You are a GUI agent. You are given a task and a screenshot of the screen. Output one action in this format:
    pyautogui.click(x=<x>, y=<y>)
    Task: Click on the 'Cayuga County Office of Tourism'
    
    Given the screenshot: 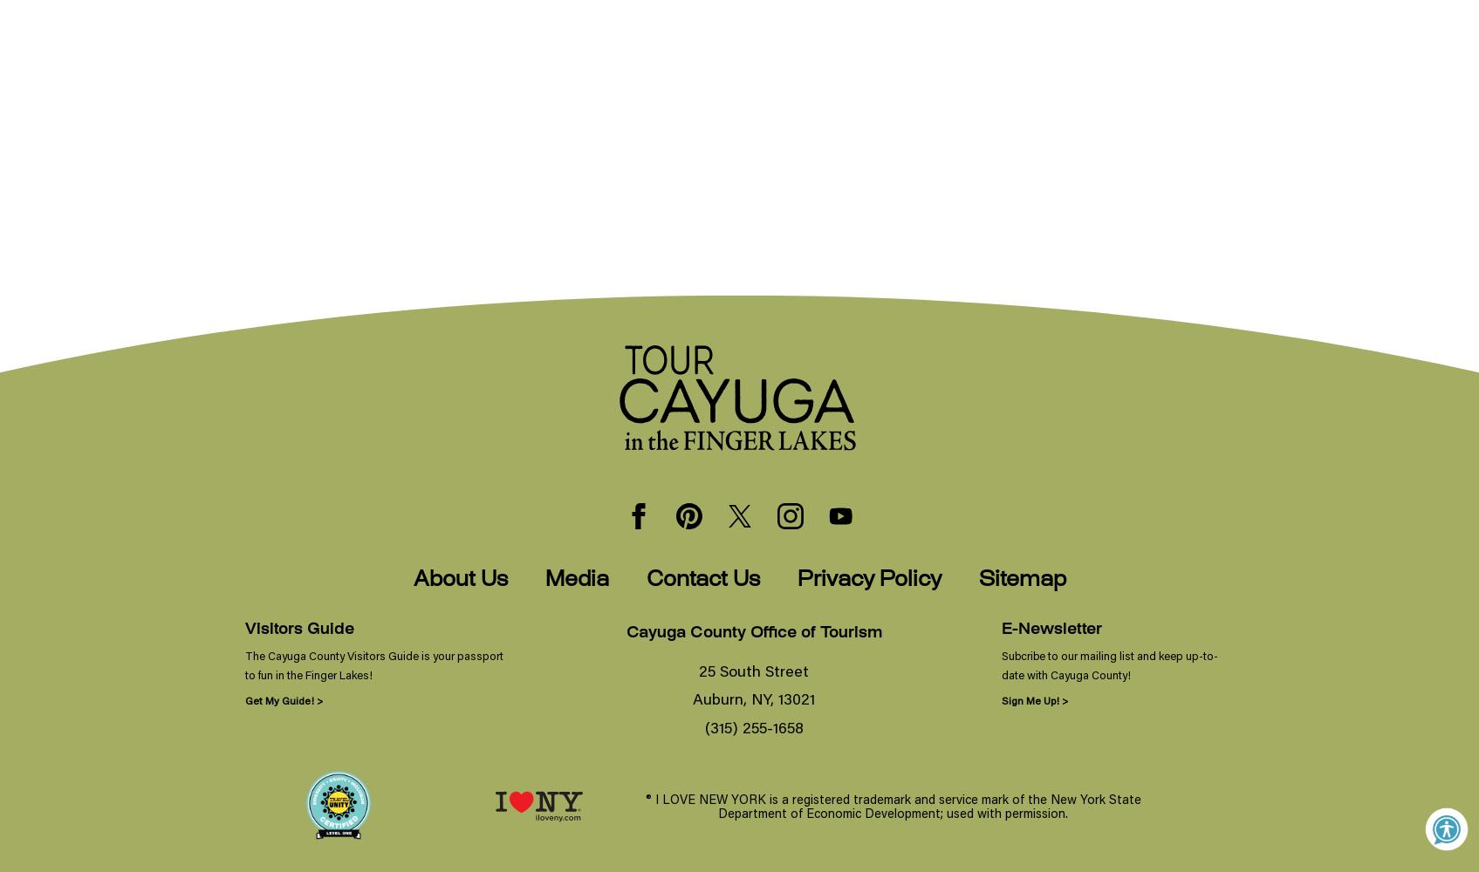 What is the action you would take?
    pyautogui.click(x=752, y=632)
    